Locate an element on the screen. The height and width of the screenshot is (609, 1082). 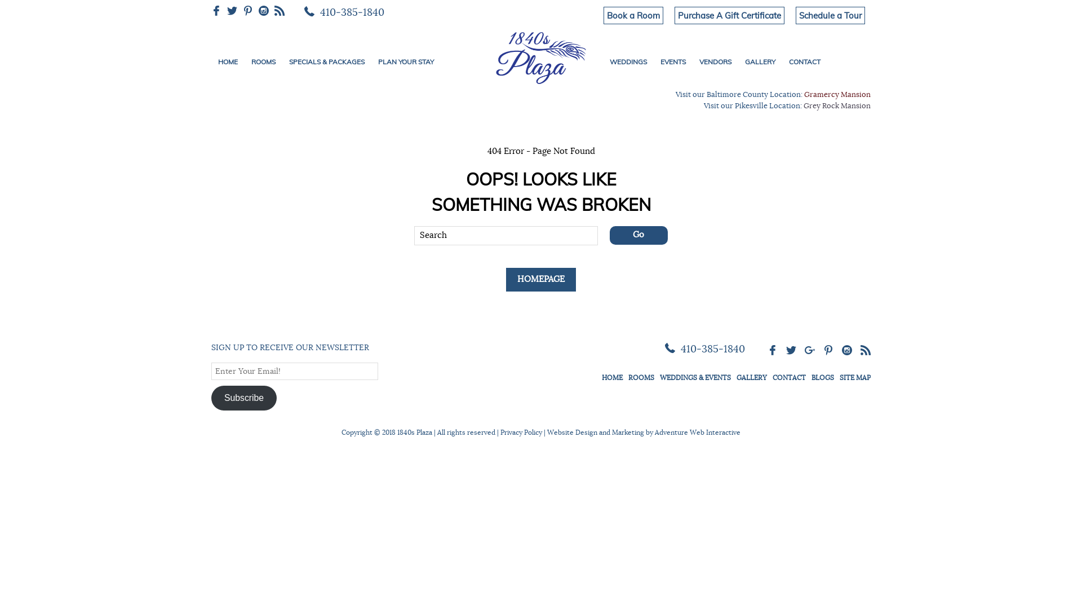
'Subscribe' is located at coordinates (211, 397).